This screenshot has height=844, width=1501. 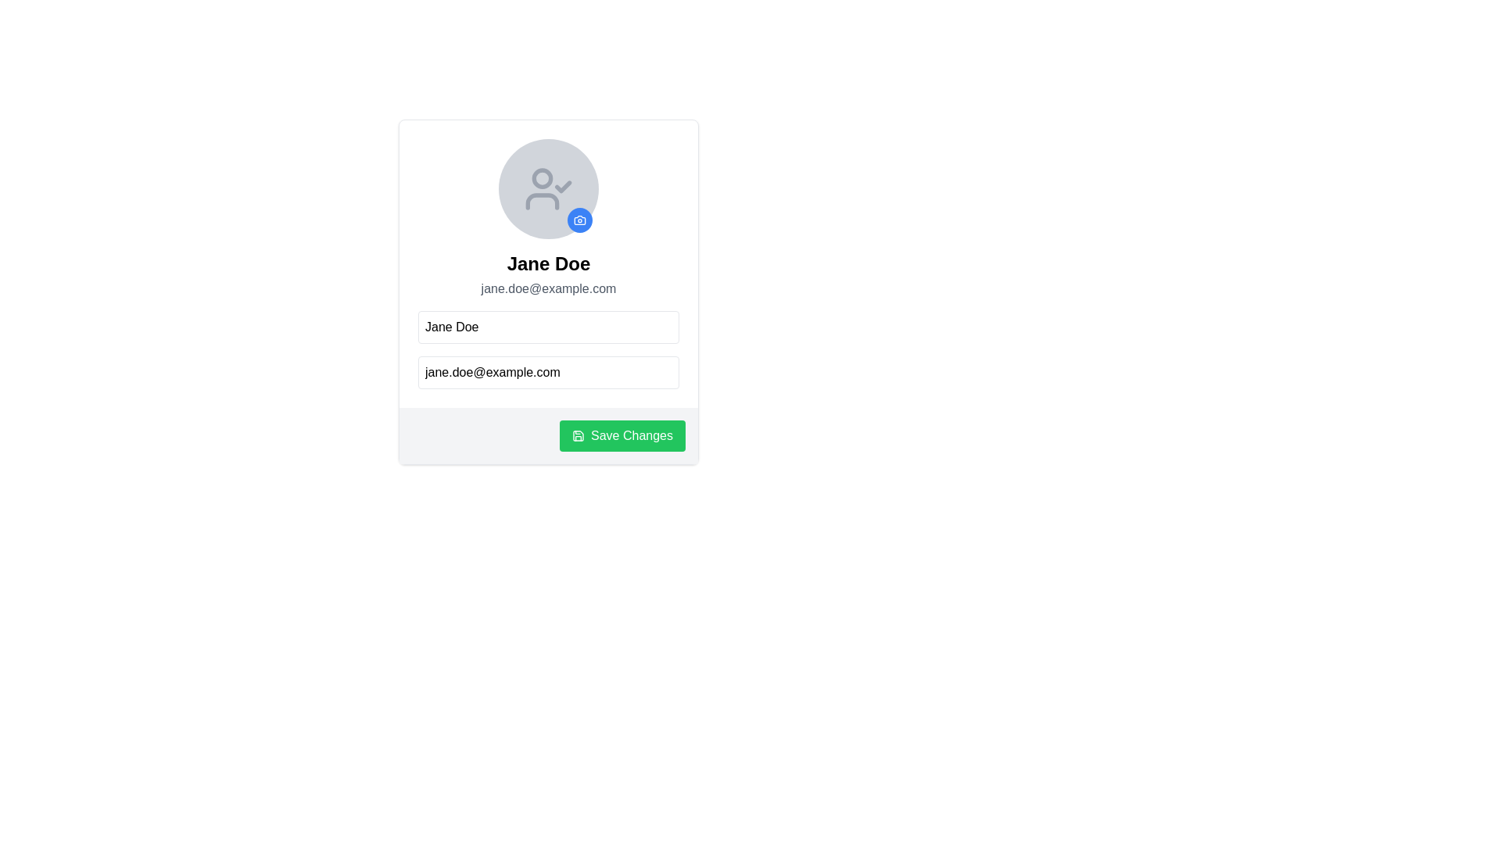 What do you see at coordinates (577, 436) in the screenshot?
I see `the save icon located to the left of the 'Save Changes' text in the green button at the bottom middle of the interface` at bounding box center [577, 436].